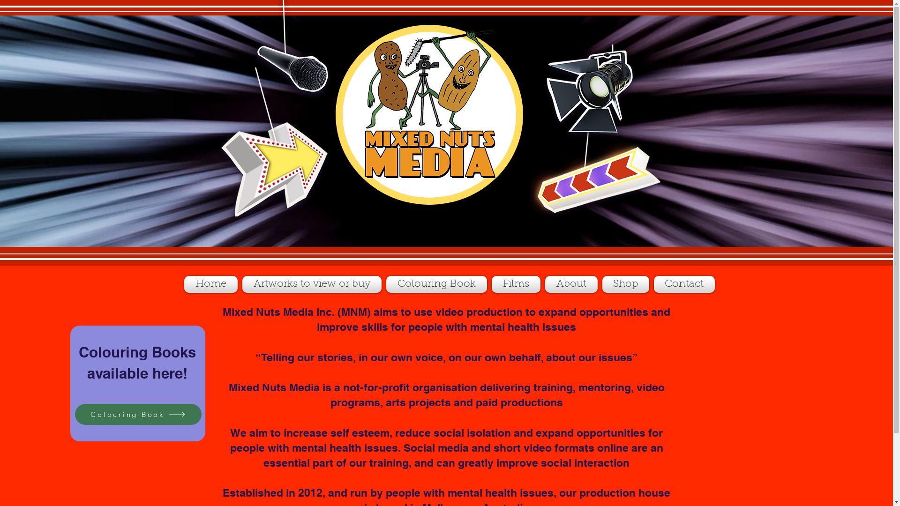  What do you see at coordinates (211, 283) in the screenshot?
I see `'Home'` at bounding box center [211, 283].